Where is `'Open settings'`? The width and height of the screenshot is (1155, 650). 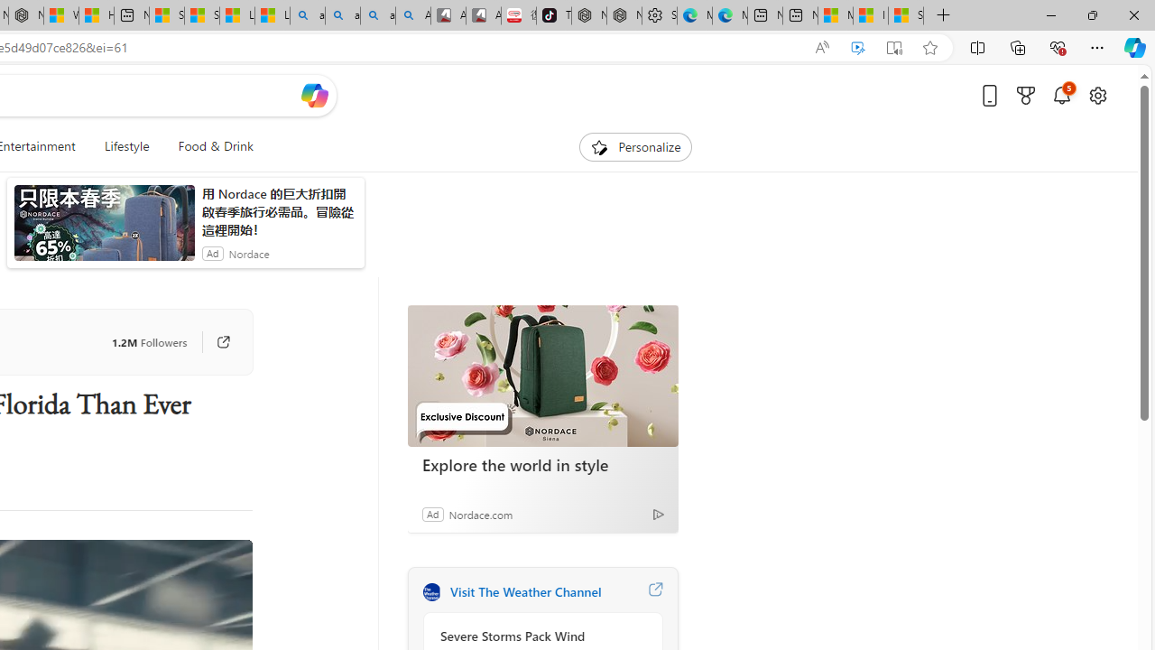 'Open settings' is located at coordinates (1096, 95).